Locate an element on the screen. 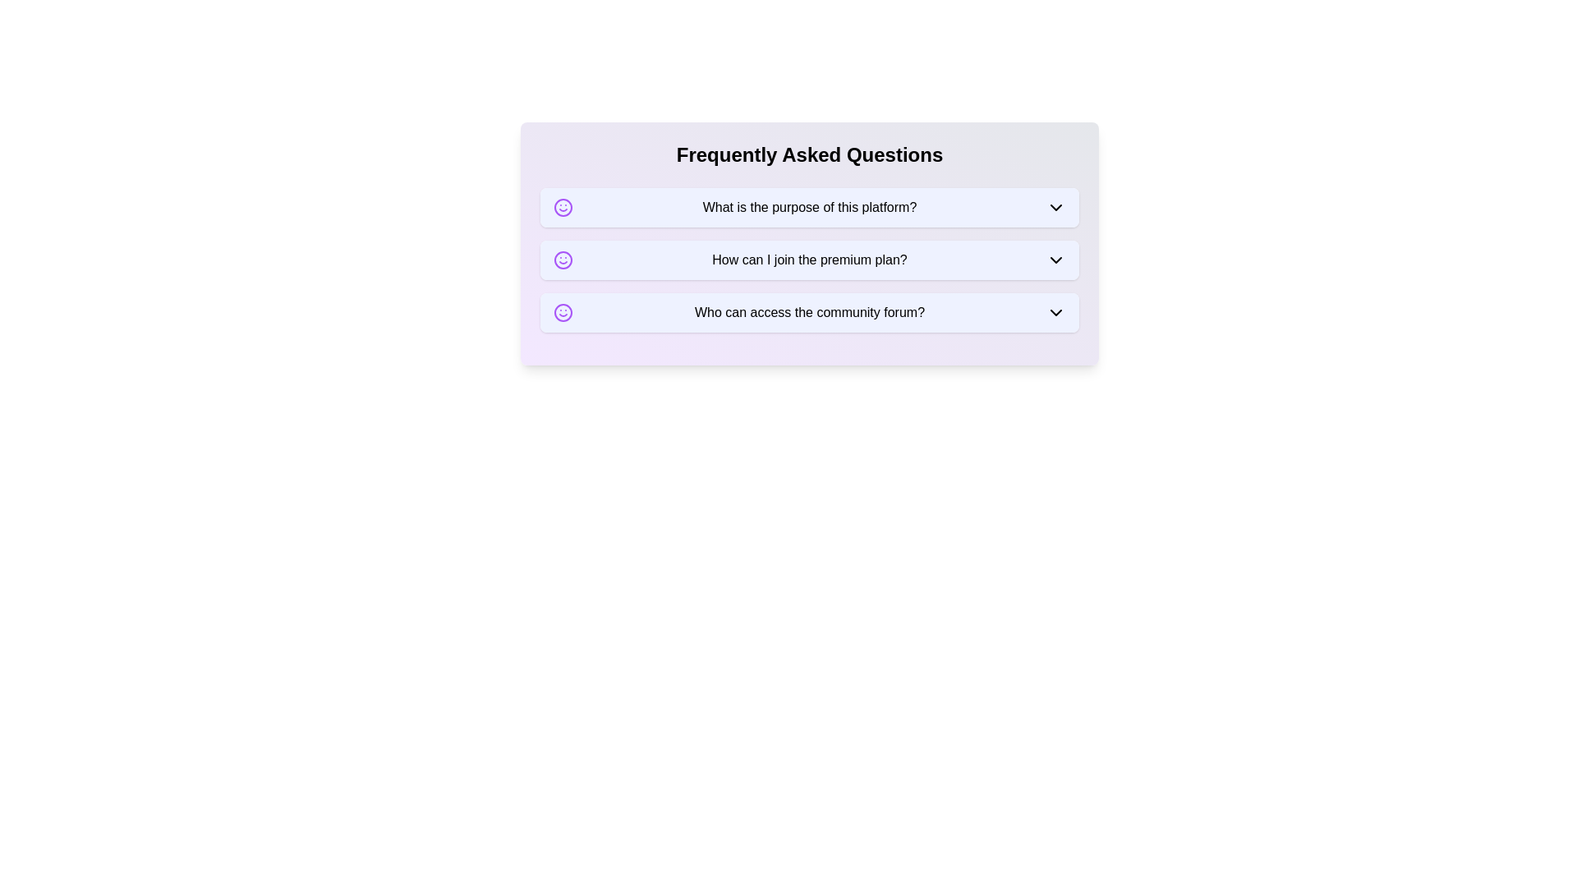  the toggle button (chevron icon) located at the rightmost portion of the middle question bar in the FAQ section is located at coordinates (1056, 259).